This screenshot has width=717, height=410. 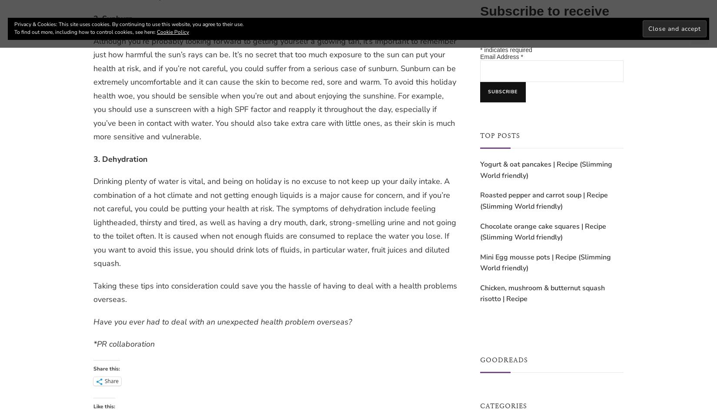 What do you see at coordinates (173, 31) in the screenshot?
I see `'Cookie Policy'` at bounding box center [173, 31].